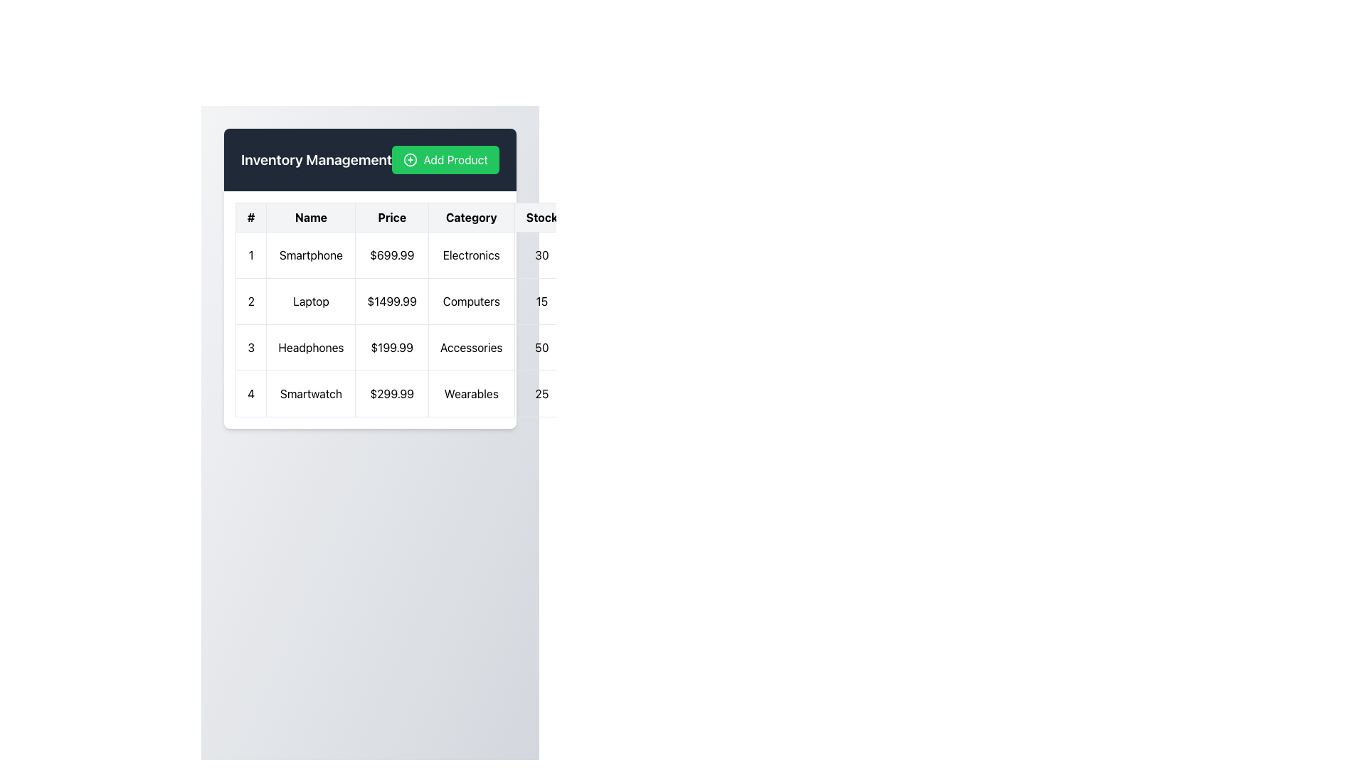 This screenshot has height=768, width=1366. What do you see at coordinates (541, 254) in the screenshot?
I see `the static text element displaying the stock quantity of the item 'Smartphone' in the inventory table, located in the fifth column of the first row` at bounding box center [541, 254].